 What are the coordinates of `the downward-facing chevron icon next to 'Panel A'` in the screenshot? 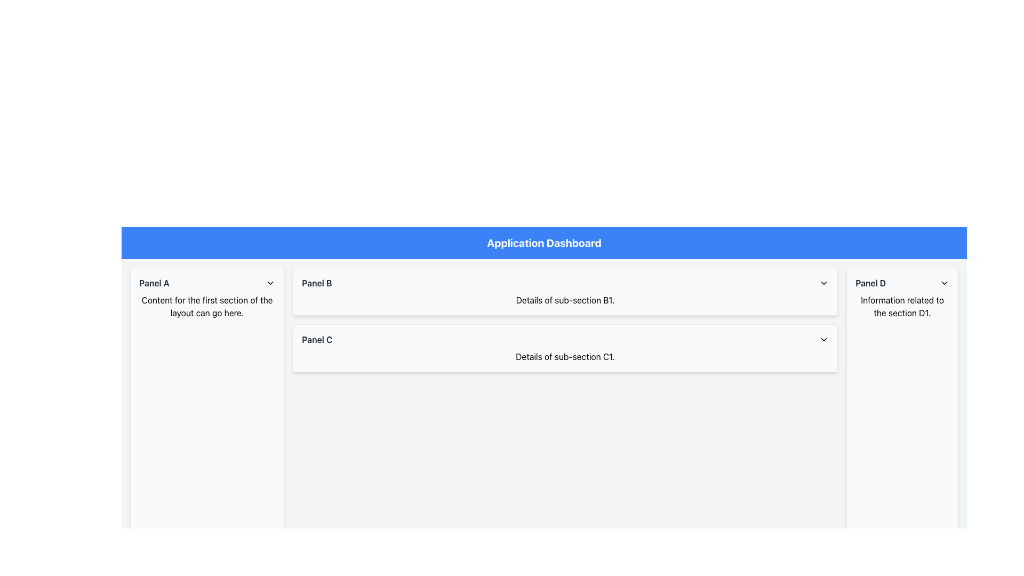 It's located at (270, 283).